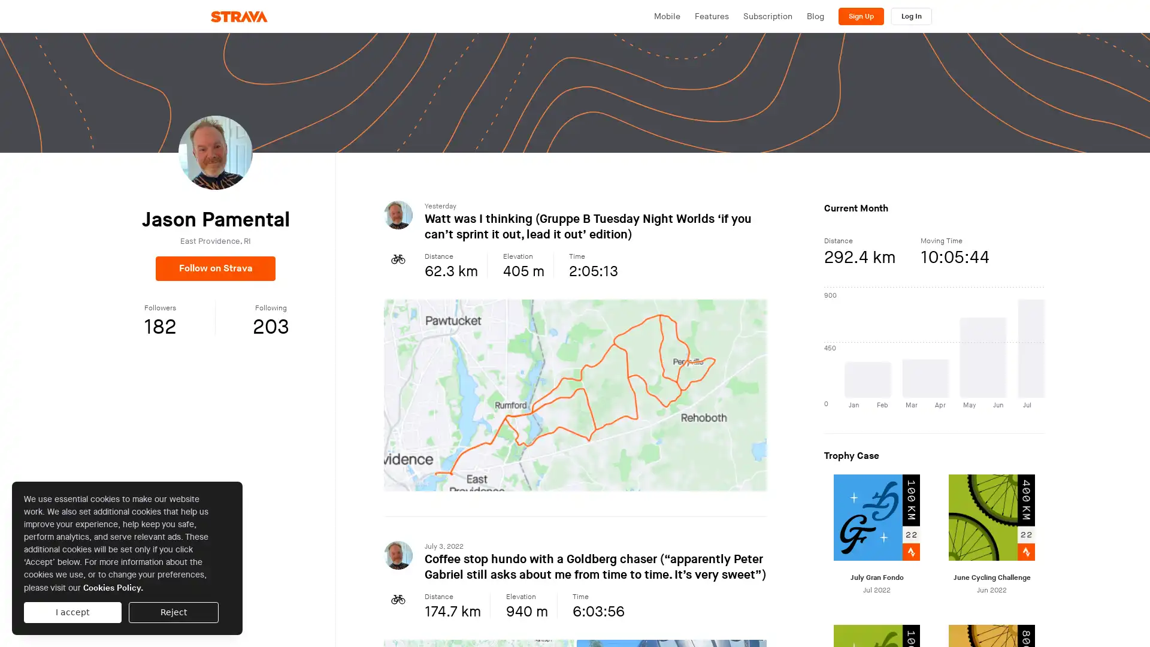 This screenshot has height=647, width=1150. What do you see at coordinates (172, 612) in the screenshot?
I see `Reject` at bounding box center [172, 612].